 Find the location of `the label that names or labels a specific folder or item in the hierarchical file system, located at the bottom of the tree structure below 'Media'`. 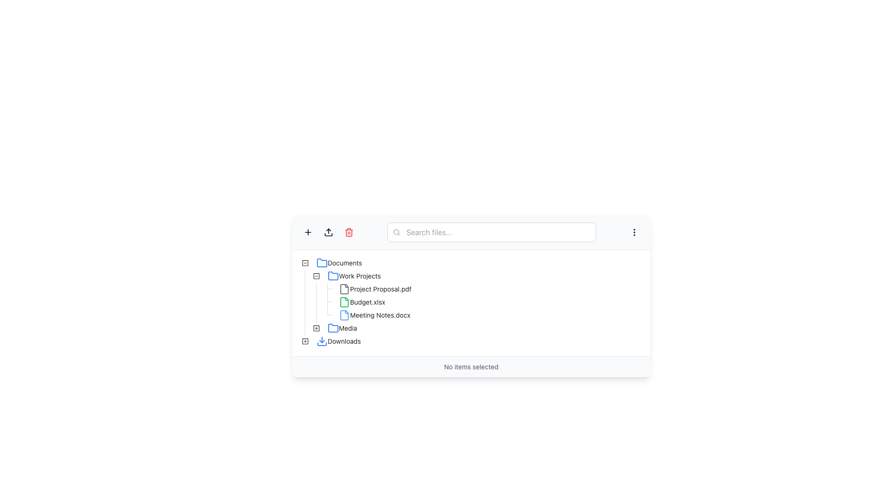

the label that names or labels a specific folder or item in the hierarchical file system, located at the bottom of the tree structure below 'Media' is located at coordinates (344, 341).